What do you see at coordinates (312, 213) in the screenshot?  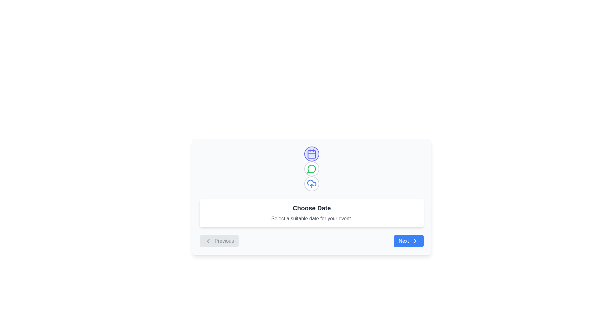 I see `the Informational Section titled 'Choose Date' which has a white background, rounded corners, and contains a subtitle 'Select a suitable date for your event.'` at bounding box center [312, 213].